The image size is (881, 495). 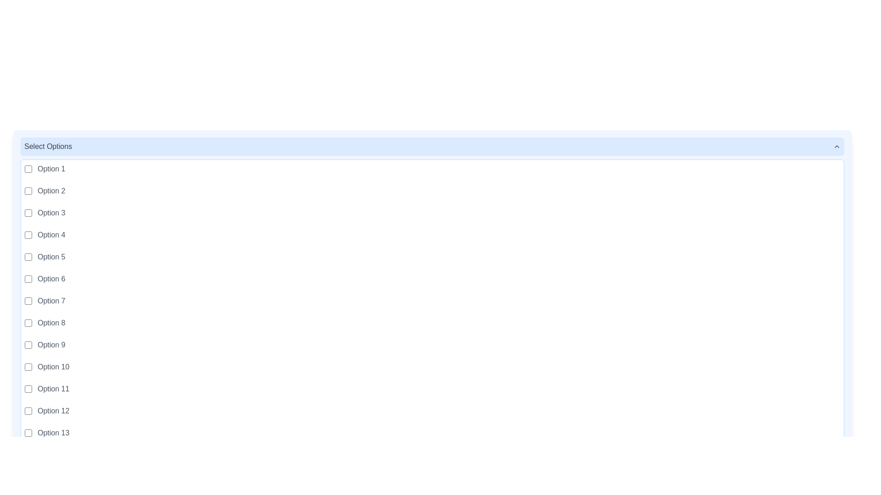 What do you see at coordinates (28, 213) in the screenshot?
I see `the small checkbox with a blue border located next to the label 'Option 3'` at bounding box center [28, 213].